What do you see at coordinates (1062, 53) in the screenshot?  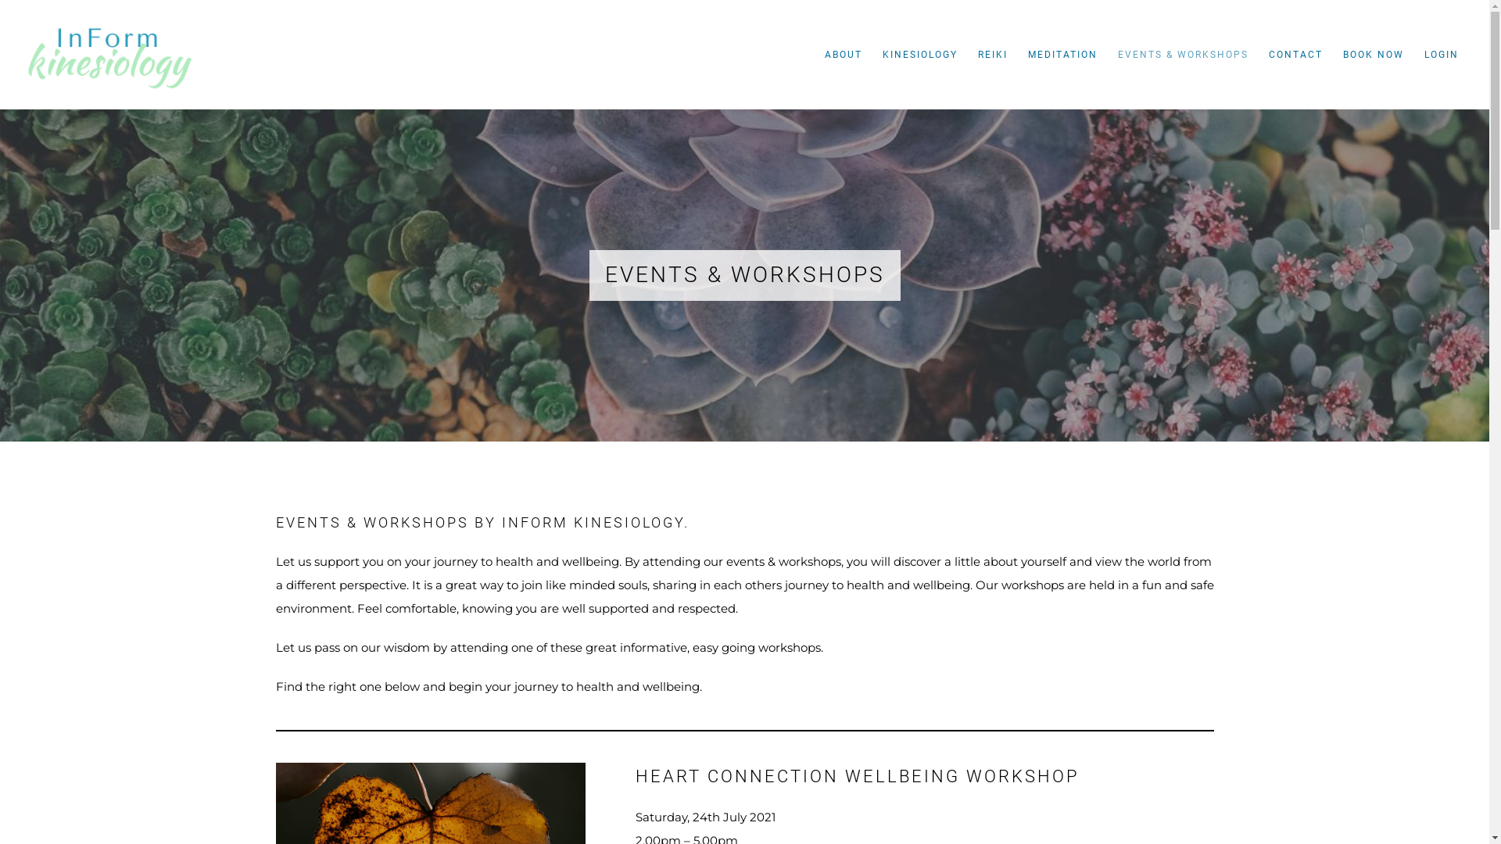 I see `'MEDITATION'` at bounding box center [1062, 53].